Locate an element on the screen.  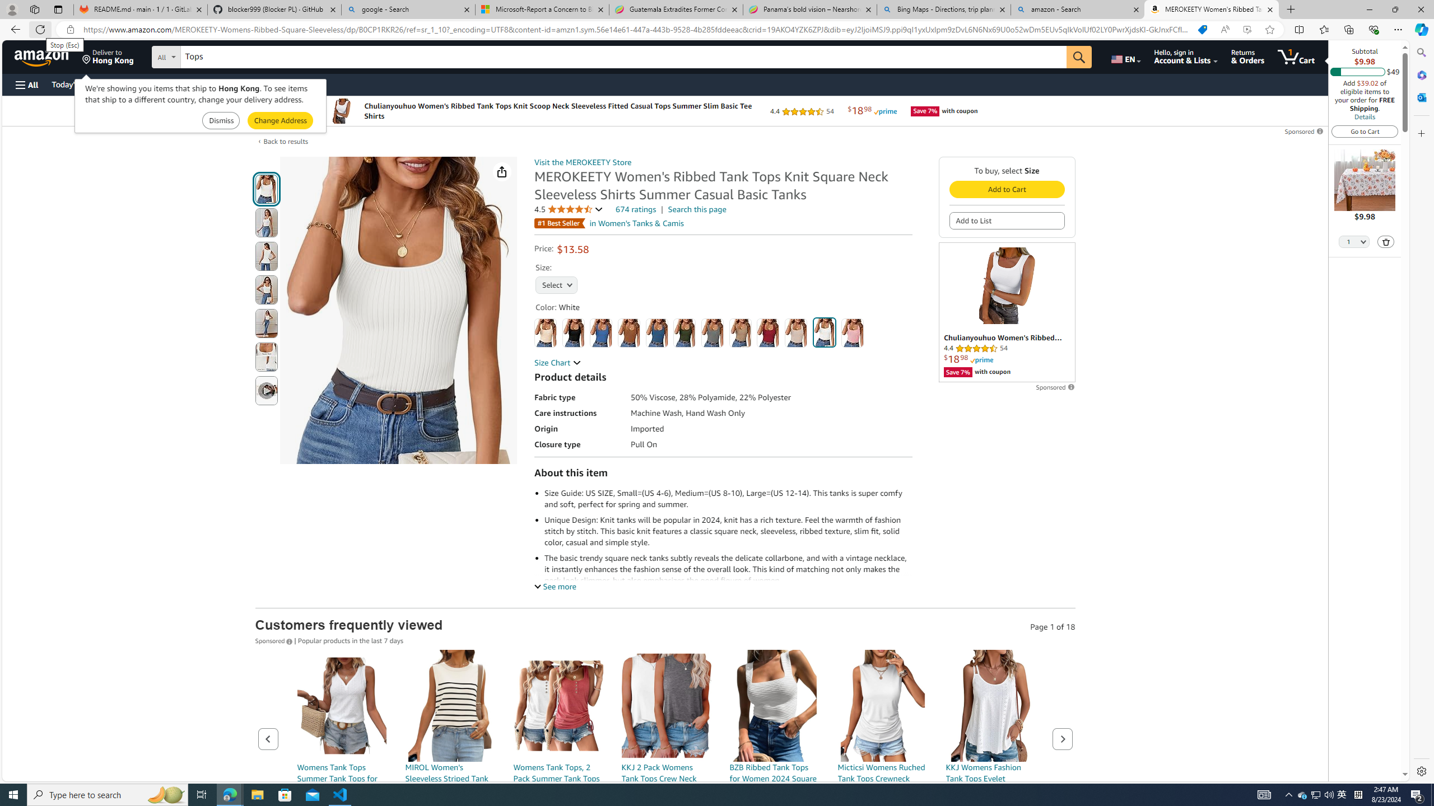
'Khaki' is located at coordinates (740, 332).